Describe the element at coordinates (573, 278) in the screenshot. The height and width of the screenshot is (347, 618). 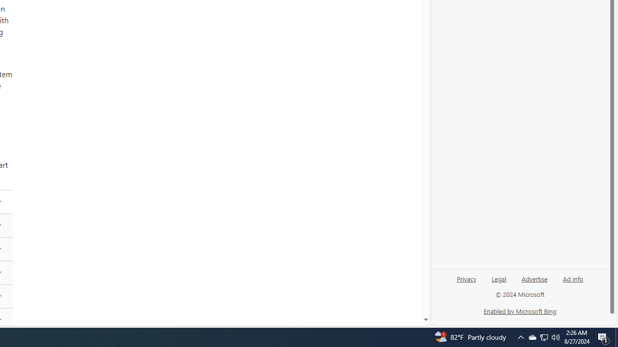
I see `'Ad info'` at that location.